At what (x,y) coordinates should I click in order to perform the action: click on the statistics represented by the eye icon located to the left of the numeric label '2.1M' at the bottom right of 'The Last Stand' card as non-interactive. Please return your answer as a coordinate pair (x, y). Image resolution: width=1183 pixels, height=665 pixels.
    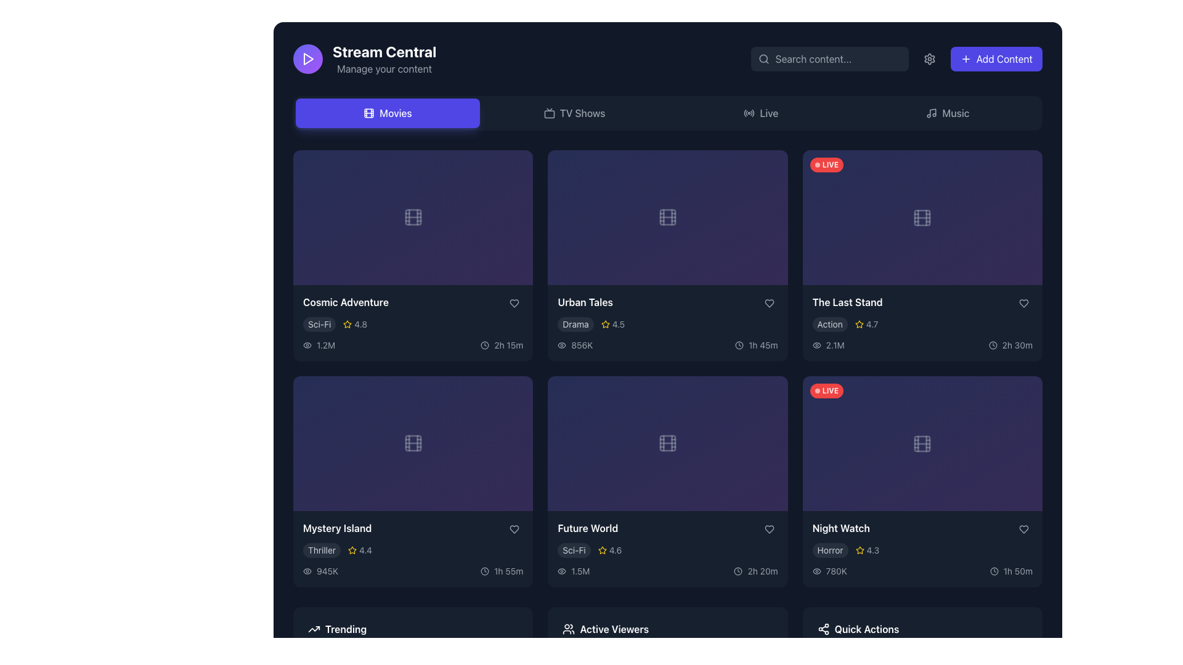
    Looking at the image, I should click on (816, 345).